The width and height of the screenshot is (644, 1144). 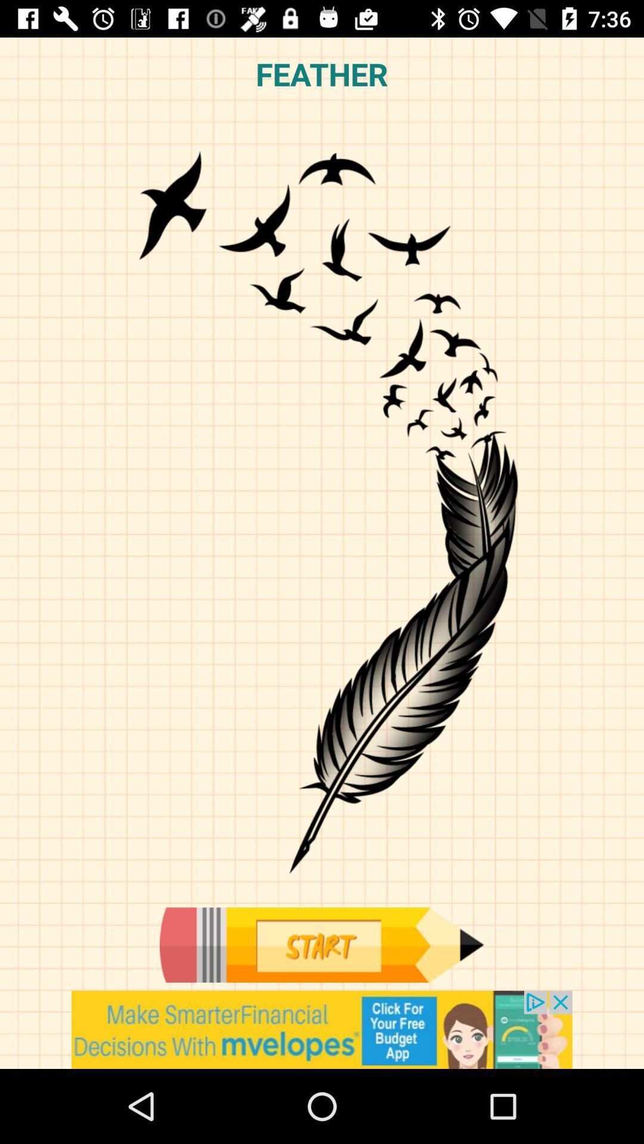 What do you see at coordinates (322, 1029) in the screenshot?
I see `open advertisement` at bounding box center [322, 1029].